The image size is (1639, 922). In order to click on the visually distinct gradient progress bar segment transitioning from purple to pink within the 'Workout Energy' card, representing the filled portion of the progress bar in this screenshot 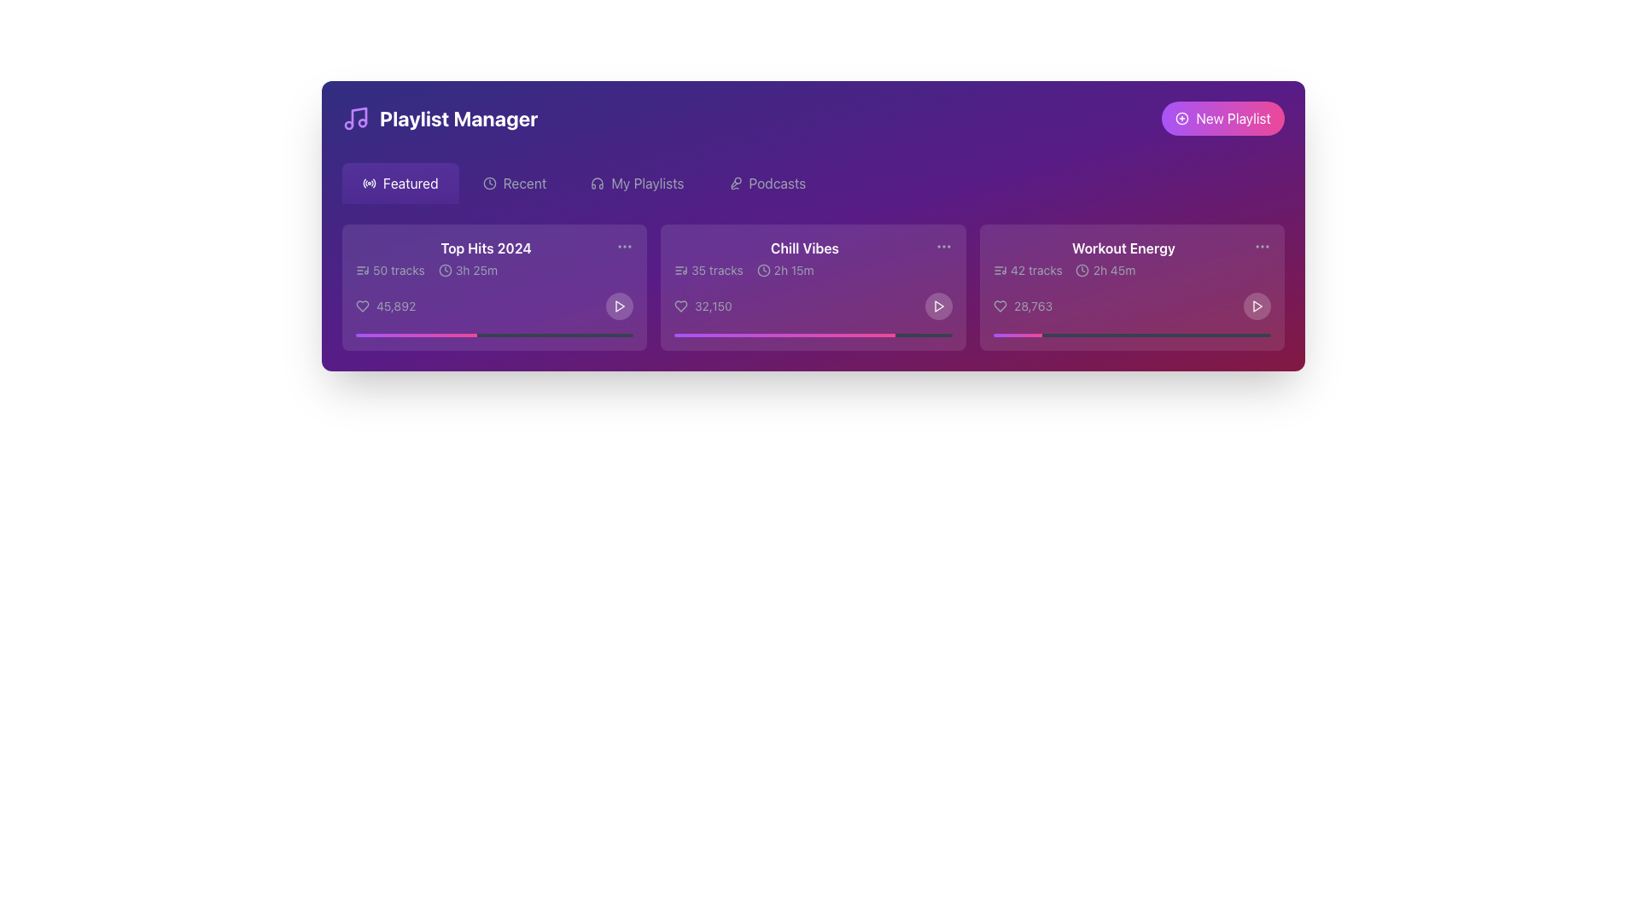, I will do `click(1018, 336)`.